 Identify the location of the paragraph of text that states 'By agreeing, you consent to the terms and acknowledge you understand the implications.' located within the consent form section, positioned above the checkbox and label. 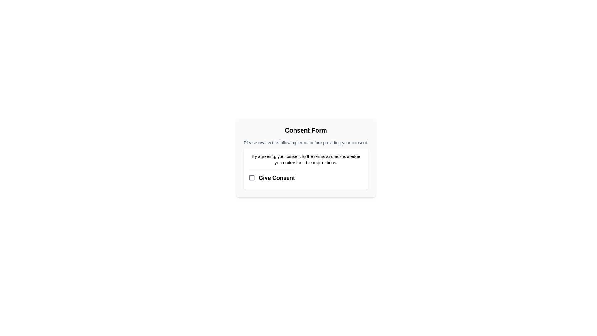
(306, 159).